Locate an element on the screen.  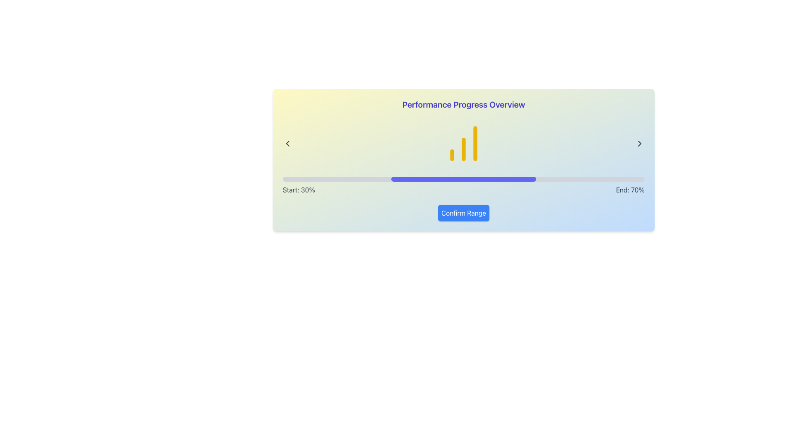
the left-aligned navigation button with a right-pointing chevron arrow is located at coordinates (288, 143).